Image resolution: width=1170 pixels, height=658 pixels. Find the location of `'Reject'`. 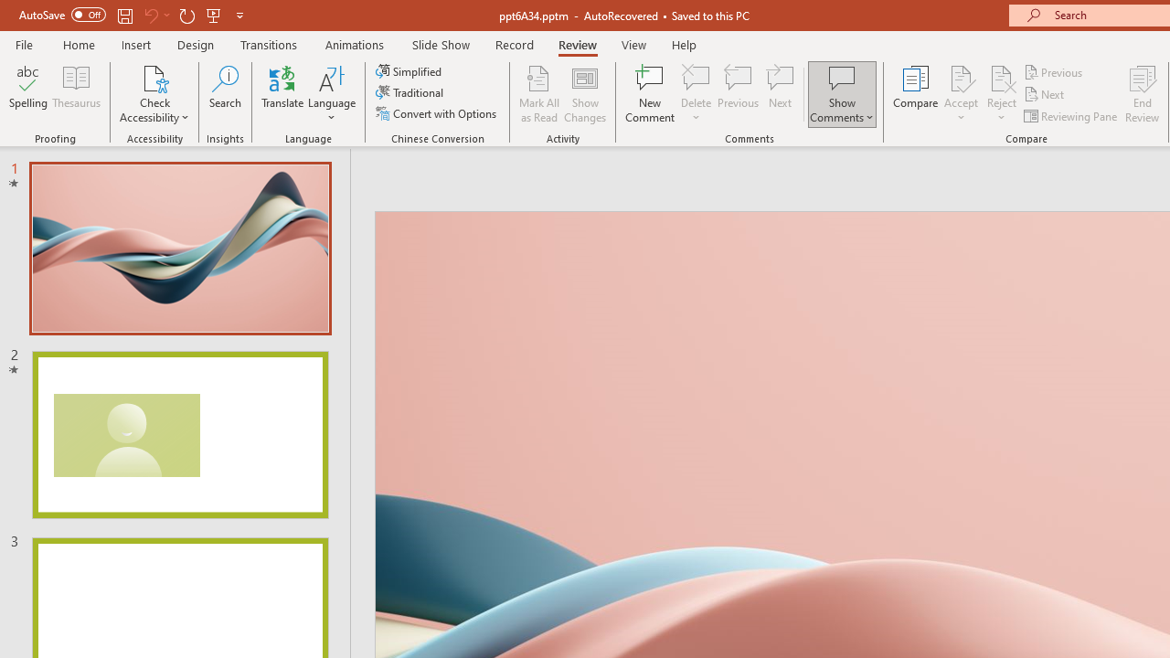

'Reject' is located at coordinates (1001, 94).